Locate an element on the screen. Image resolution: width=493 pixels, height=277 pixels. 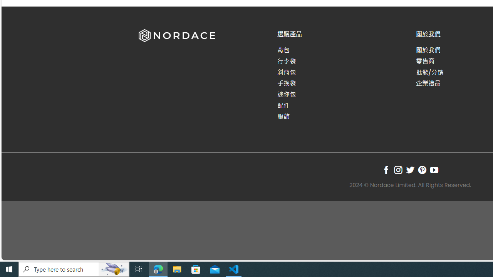
'Follow on Twitter' is located at coordinates (409, 169).